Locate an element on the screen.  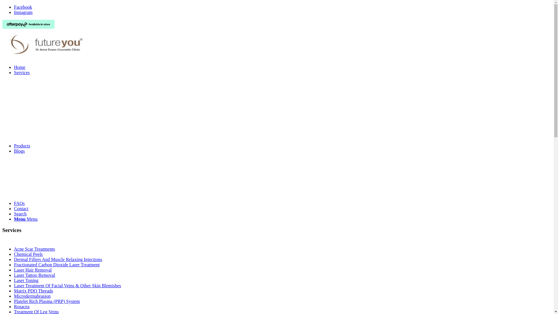
'Chemical Peels' is located at coordinates (14, 254).